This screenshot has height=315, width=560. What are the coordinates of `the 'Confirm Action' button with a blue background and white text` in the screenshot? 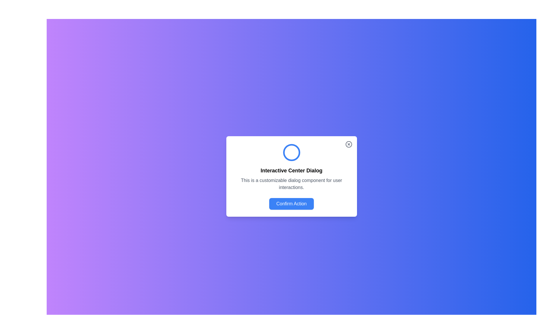 It's located at (291, 203).